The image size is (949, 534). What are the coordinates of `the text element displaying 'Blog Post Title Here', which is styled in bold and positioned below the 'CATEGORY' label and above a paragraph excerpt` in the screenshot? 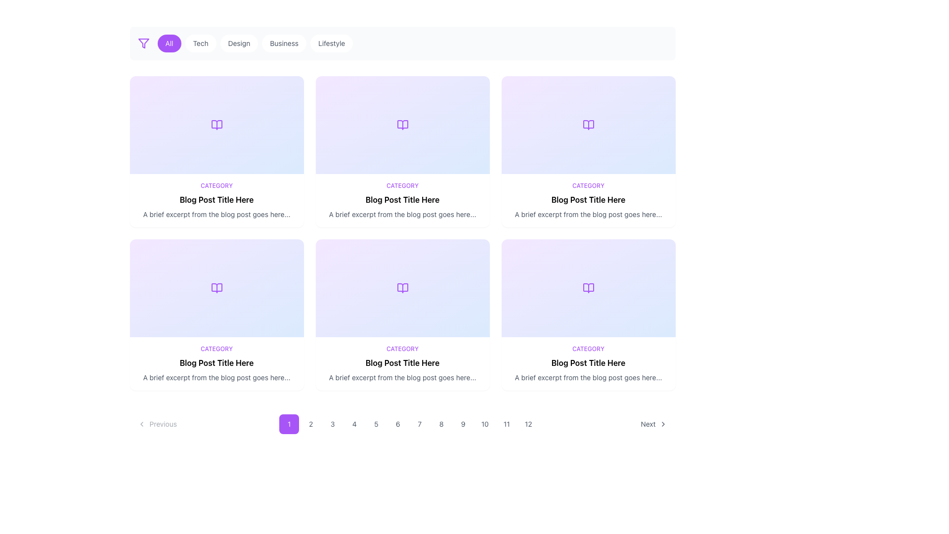 It's located at (216, 362).